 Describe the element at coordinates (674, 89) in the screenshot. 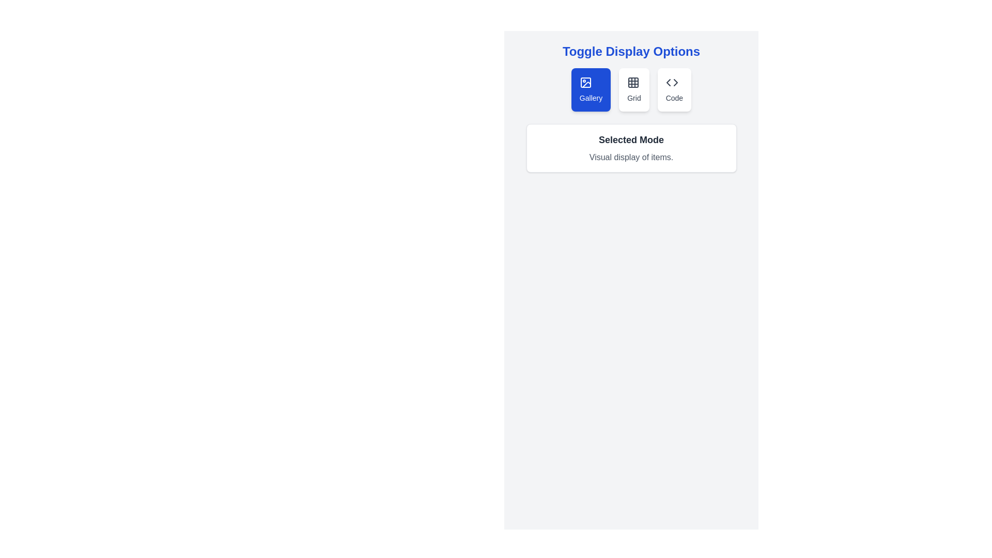

I see `the Code button to toggle the display mode` at that location.